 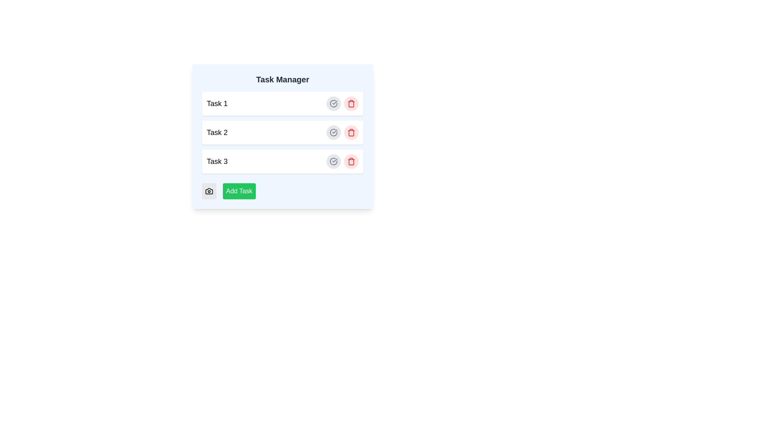 What do you see at coordinates (351, 161) in the screenshot?
I see `the delete icon button located on the far-right side of 'Task 3', which has a light red background and signifies a delete operation` at bounding box center [351, 161].